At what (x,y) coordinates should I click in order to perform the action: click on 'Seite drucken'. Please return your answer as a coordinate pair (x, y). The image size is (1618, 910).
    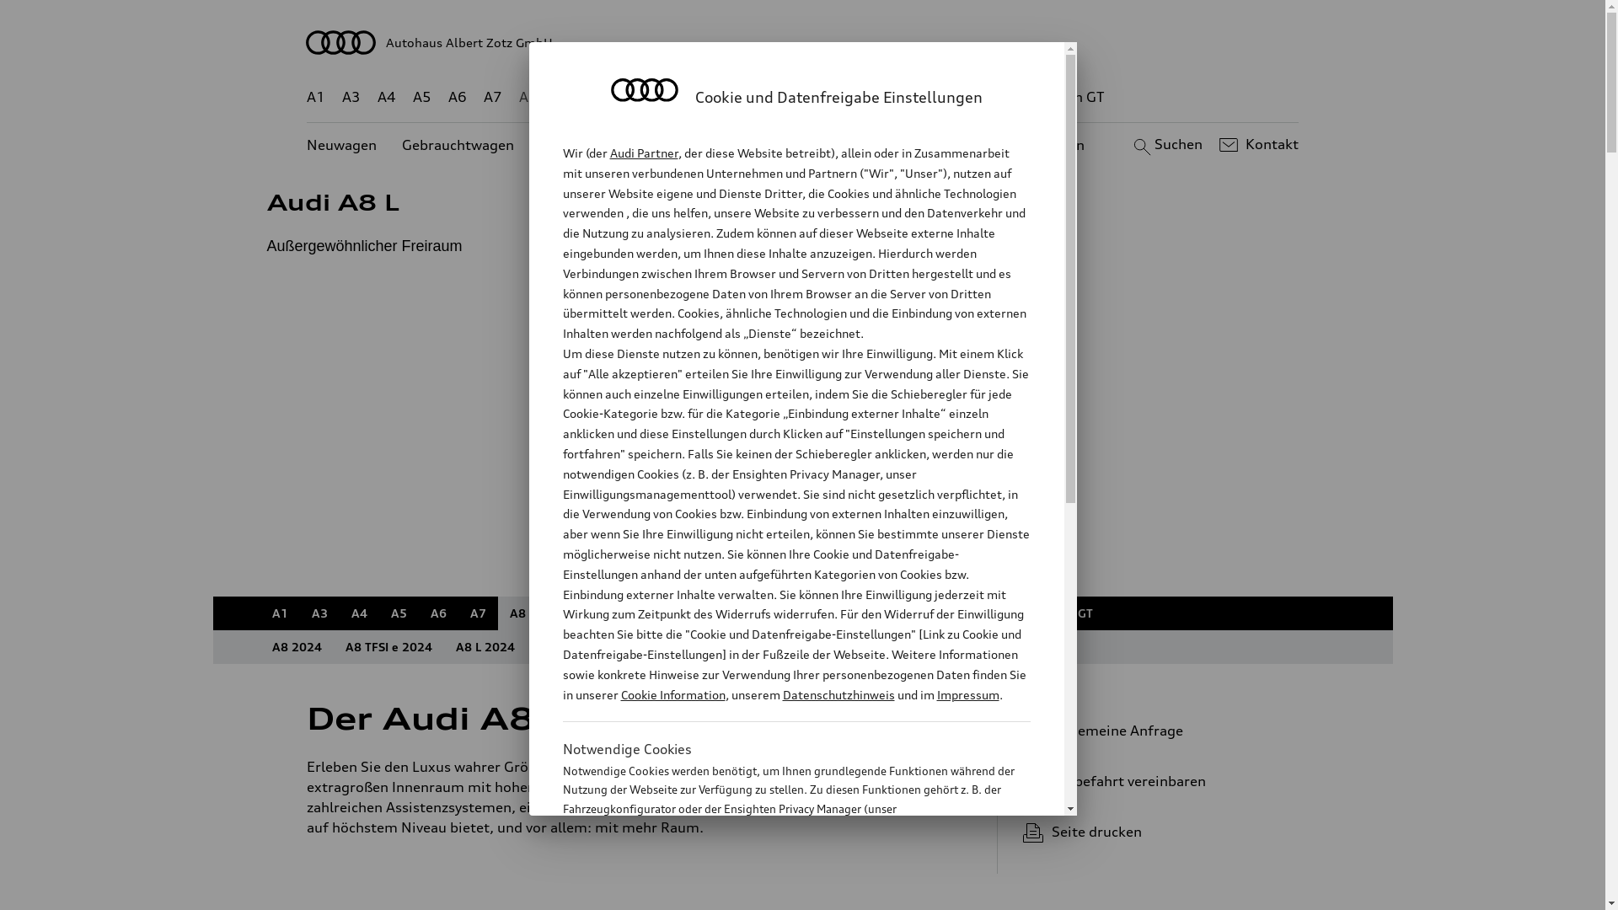
    Looking at the image, I should click on (1160, 831).